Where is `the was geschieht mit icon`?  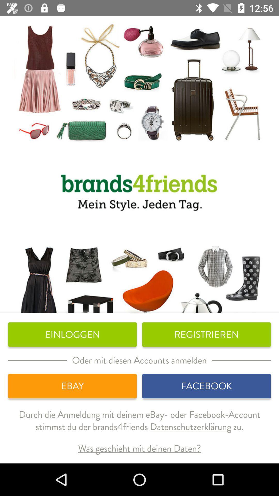
the was geschieht mit icon is located at coordinates (139, 448).